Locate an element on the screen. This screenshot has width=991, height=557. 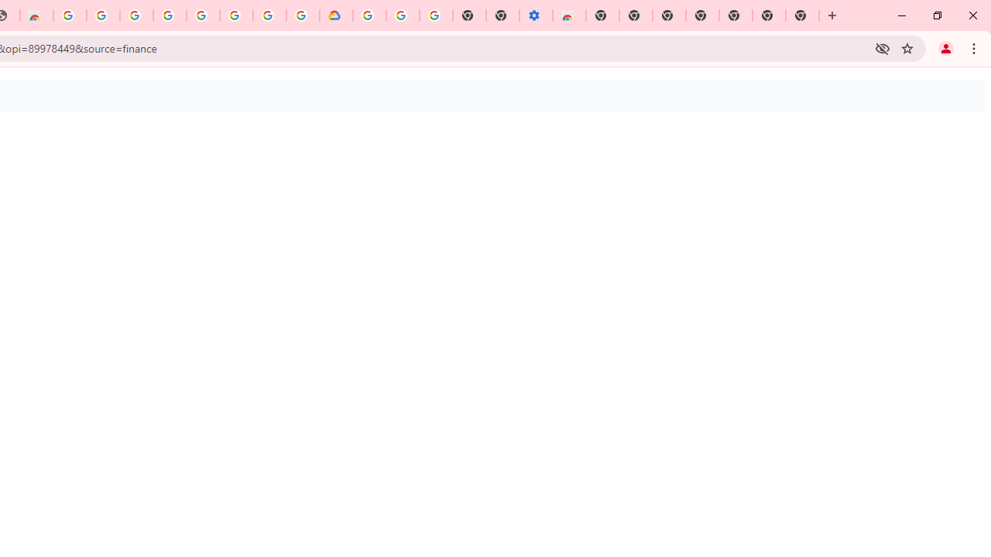
'Sign in - Google Accounts' is located at coordinates (170, 15).